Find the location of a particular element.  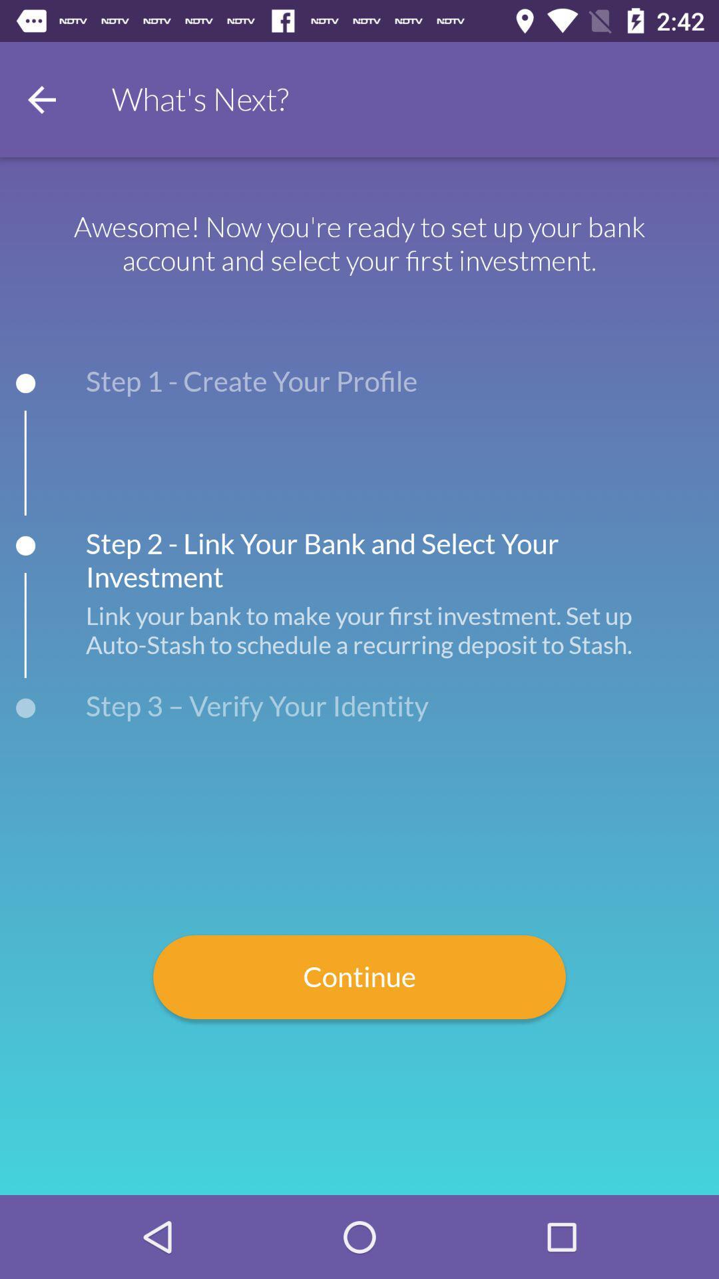

the arrow_backward icon is located at coordinates (41, 99).